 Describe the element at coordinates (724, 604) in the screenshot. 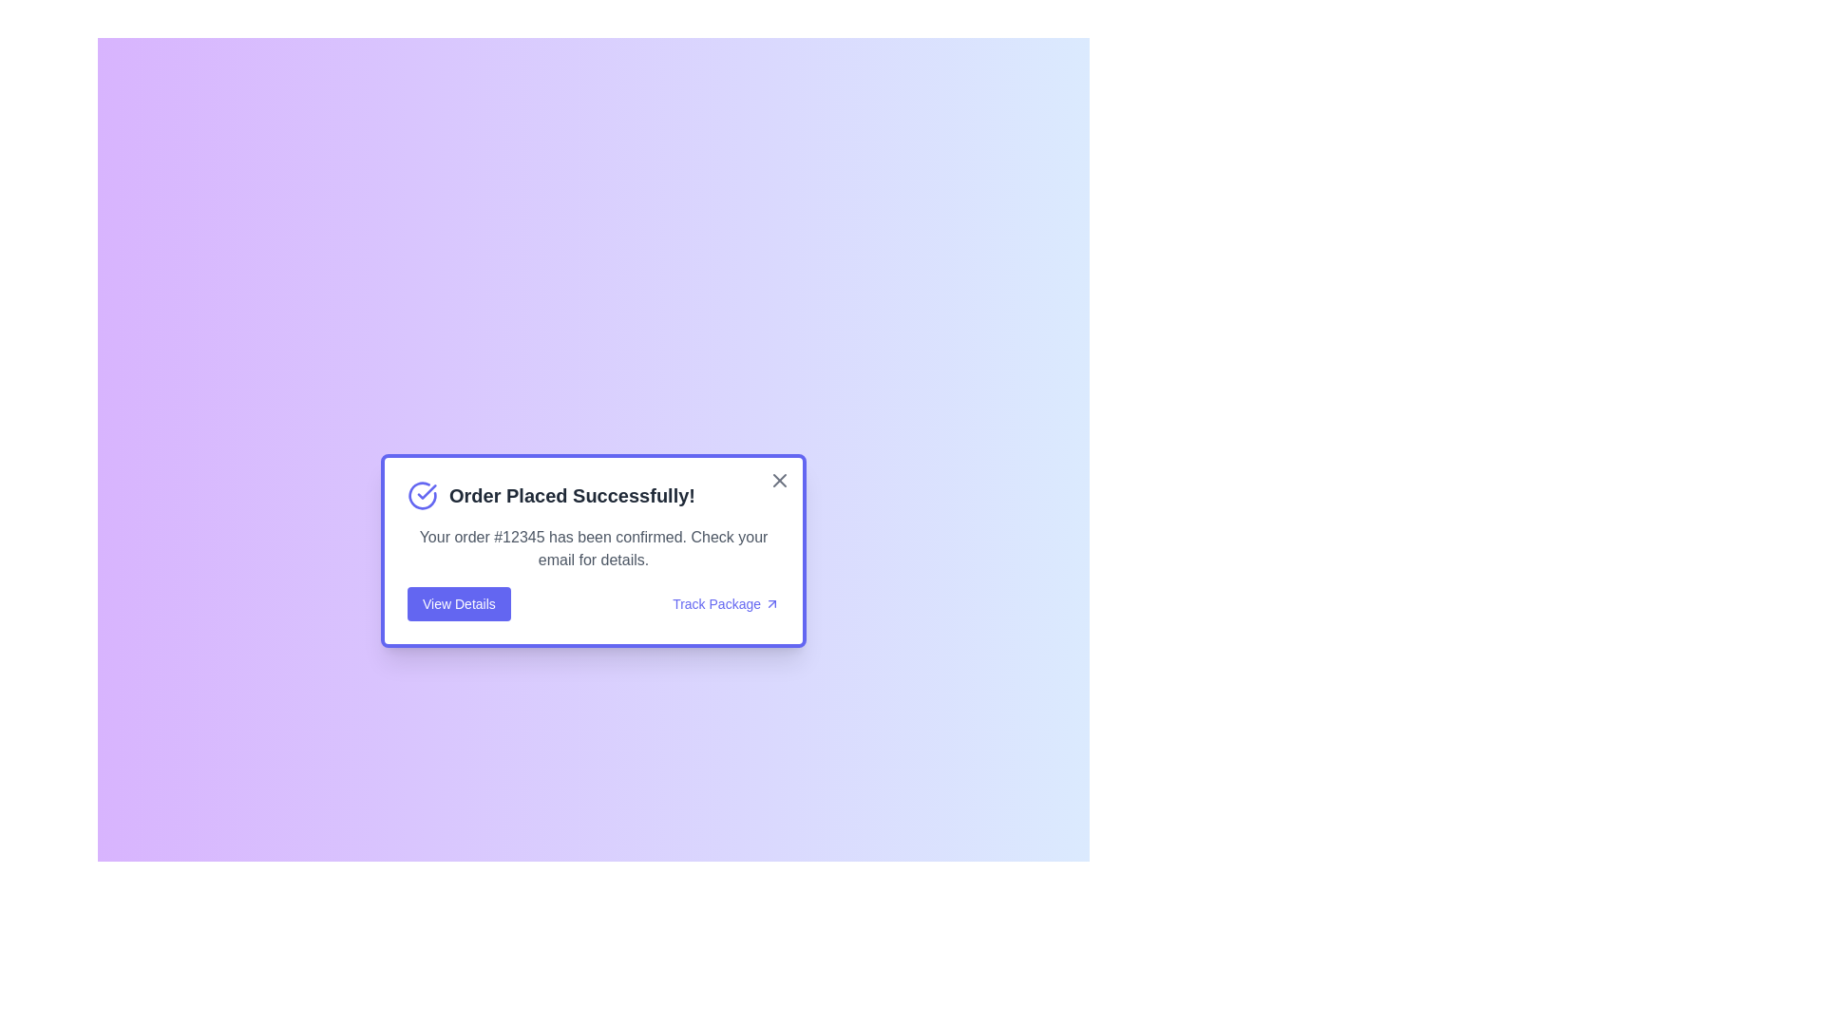

I see `the 'Track Package' button to navigate to the tracking page` at that location.